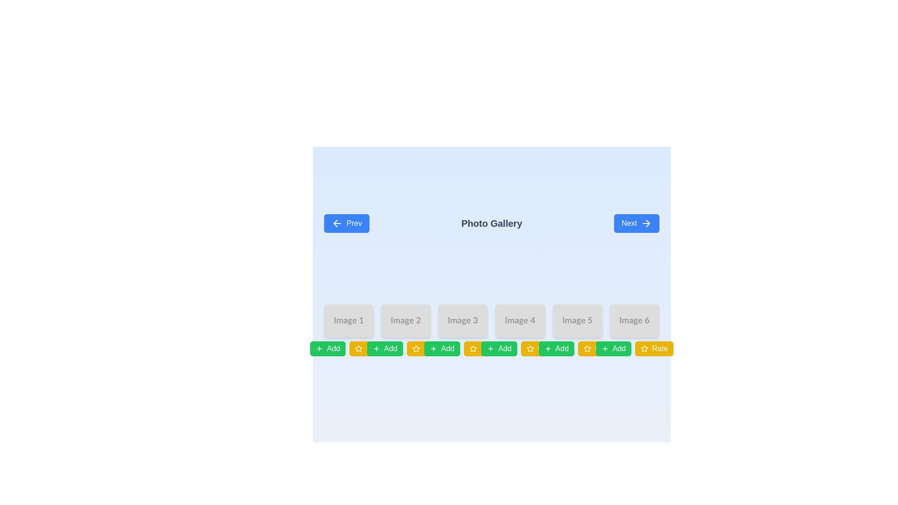  What do you see at coordinates (530, 348) in the screenshot?
I see `the star-shaped icon, which is yellow and hollow, located to the left of the 'Rate' text button in the bottom-right corner of the interface to rate it` at bounding box center [530, 348].